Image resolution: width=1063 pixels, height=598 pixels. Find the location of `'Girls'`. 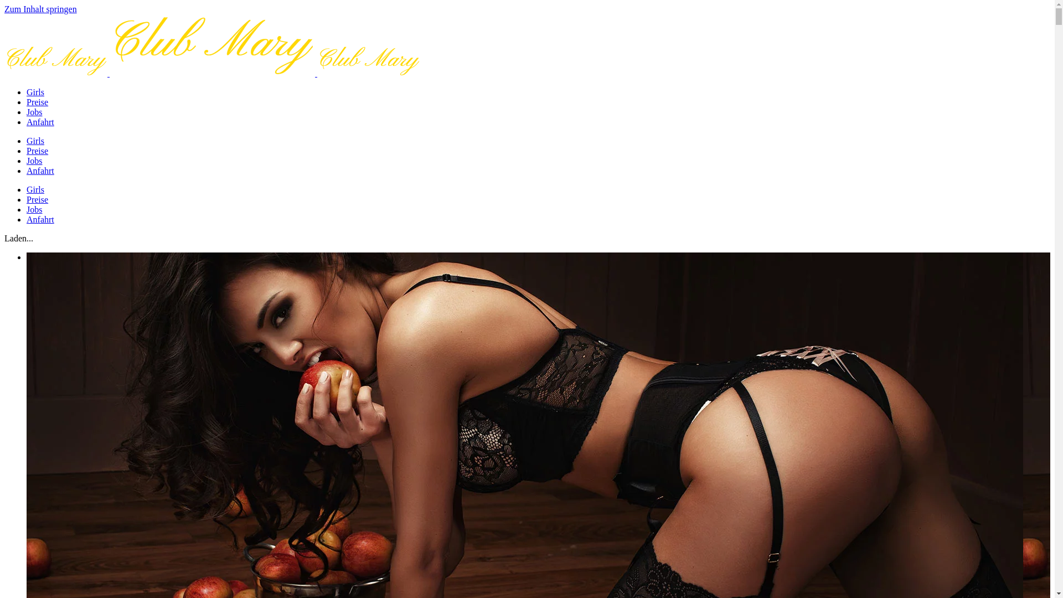

'Girls' is located at coordinates (35, 91).